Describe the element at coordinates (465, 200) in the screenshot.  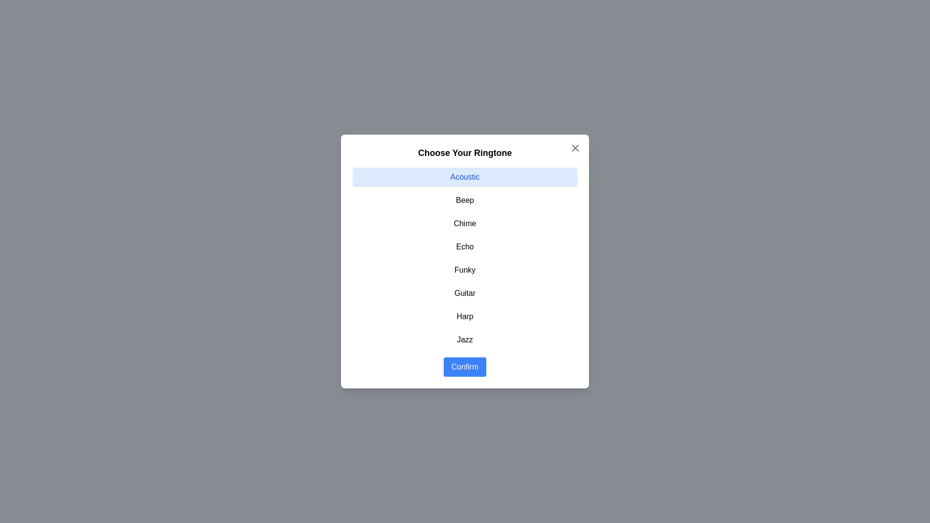
I see `the item Beep in the list` at that location.